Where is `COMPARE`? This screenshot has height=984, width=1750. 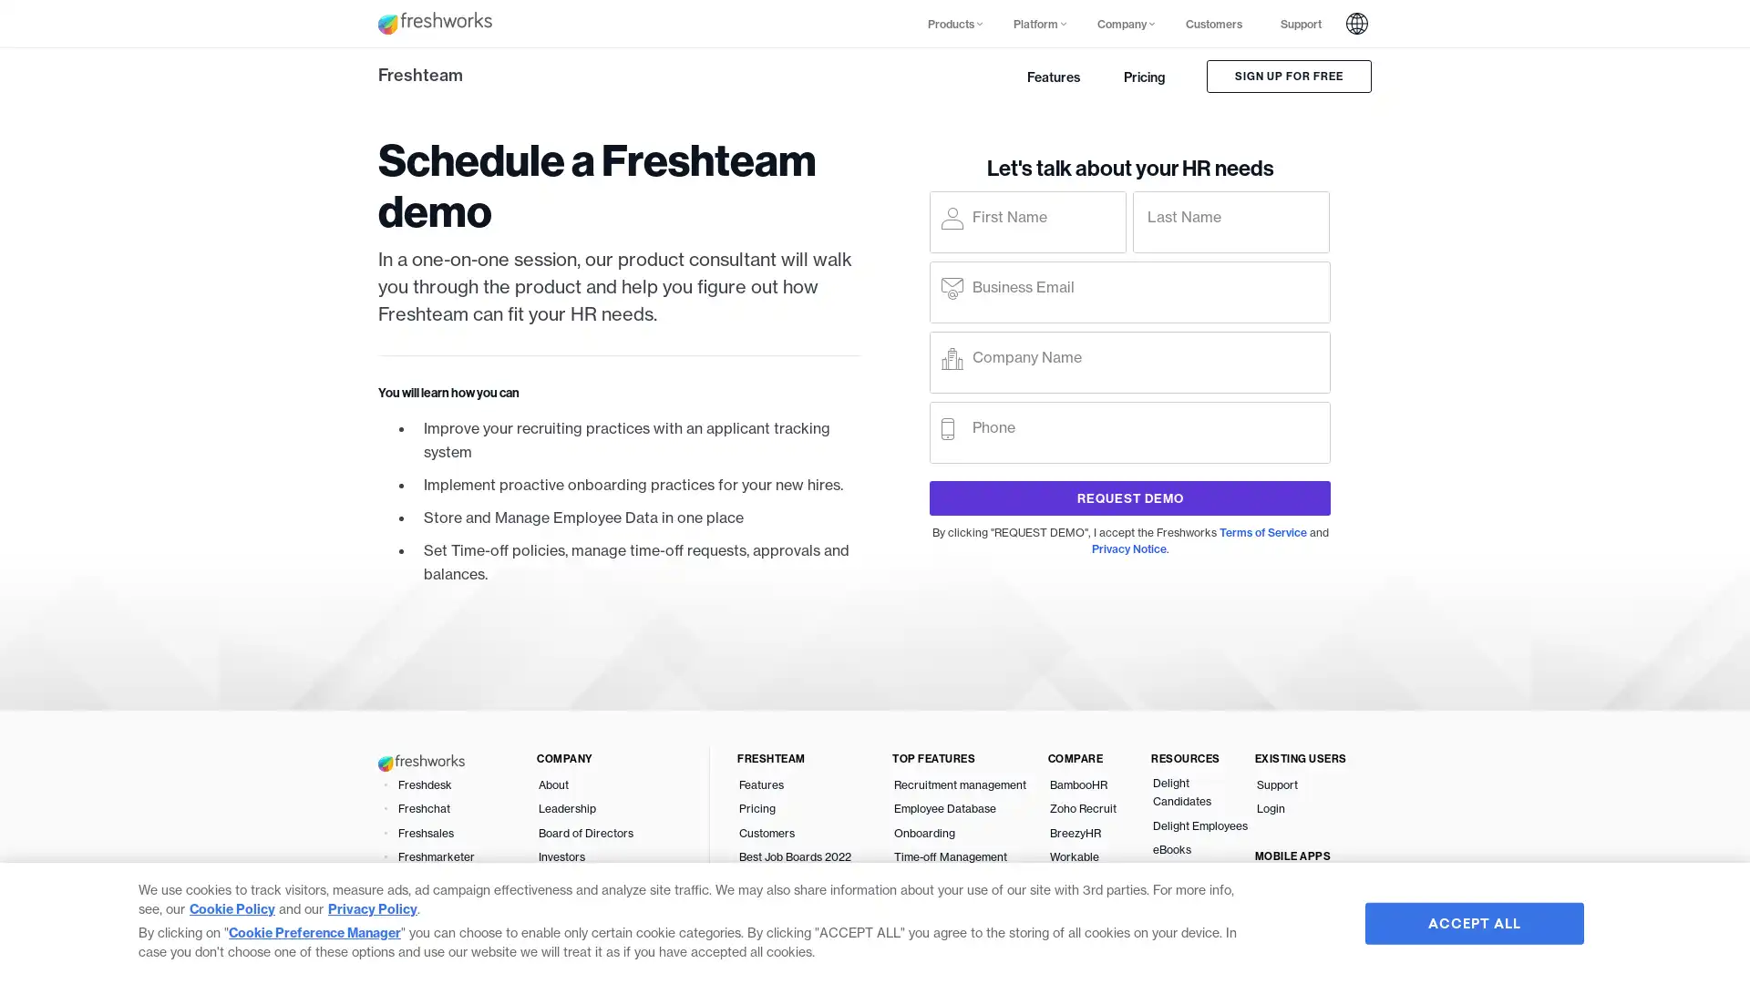
COMPARE is located at coordinates (1097, 758).